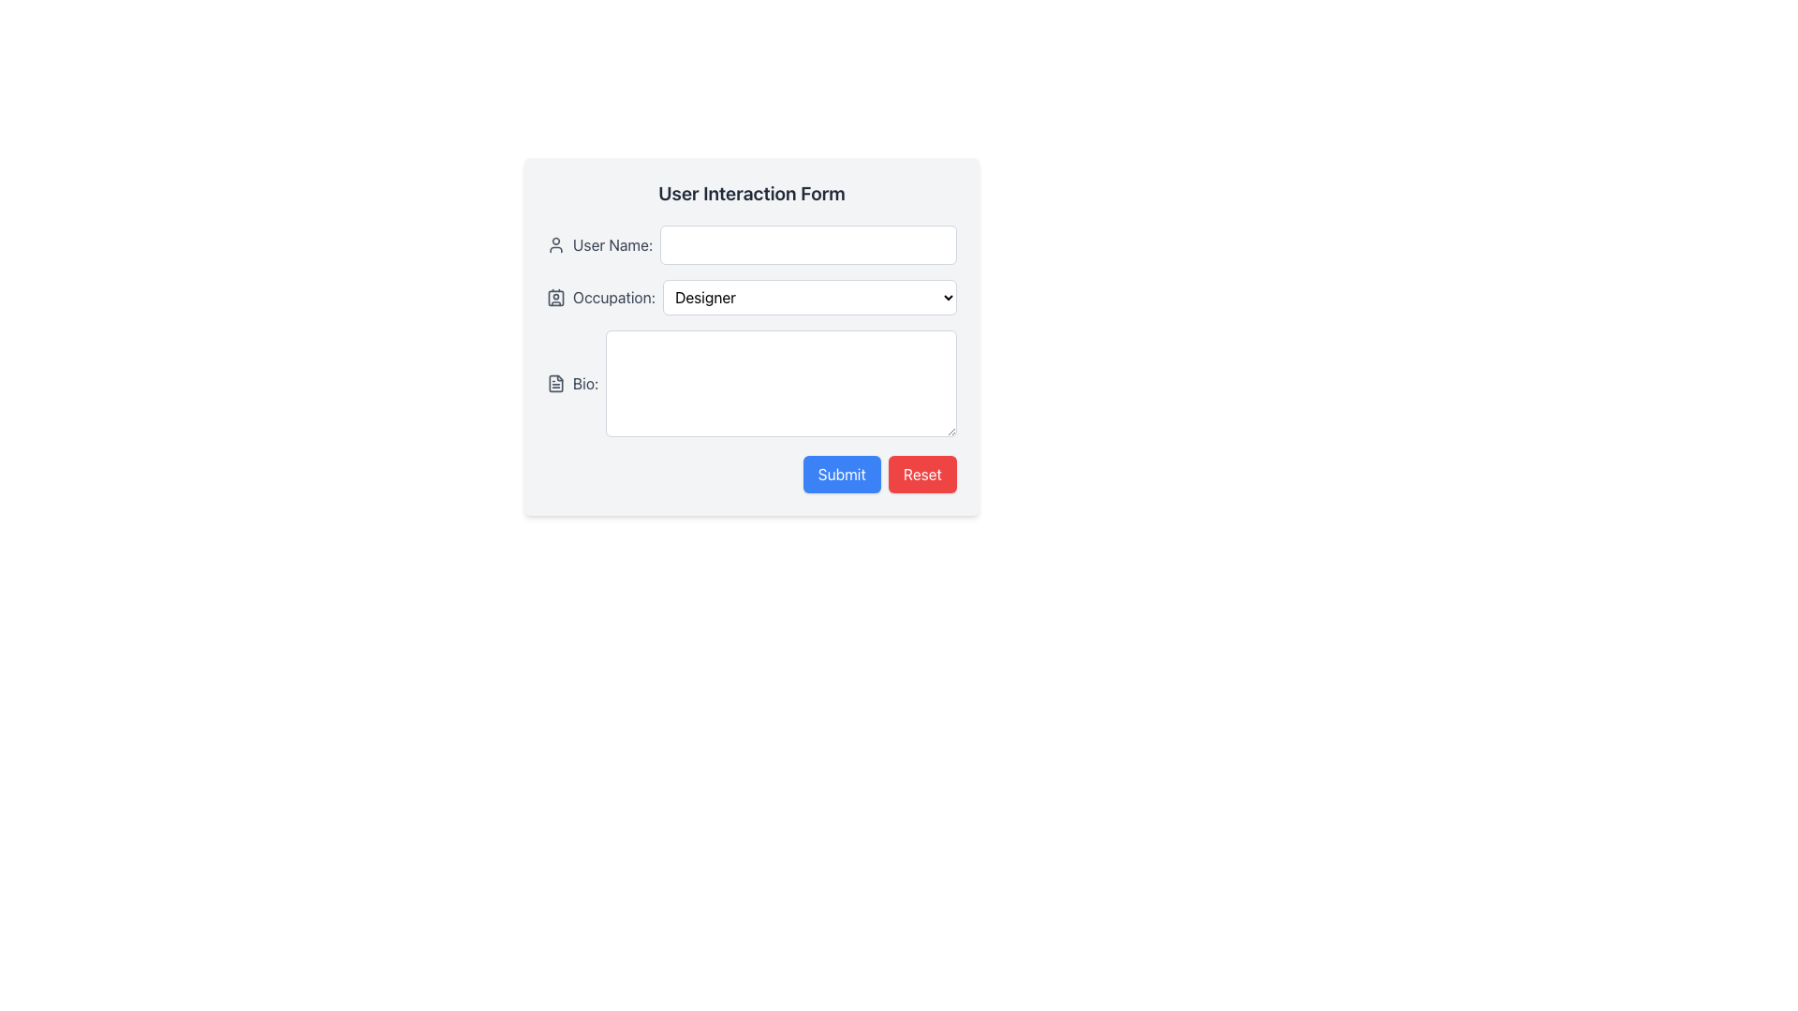 This screenshot has width=1798, height=1011. Describe the element at coordinates (612, 244) in the screenshot. I see `the username label which indicates the purpose of the adjacent input field for entering a username` at that location.